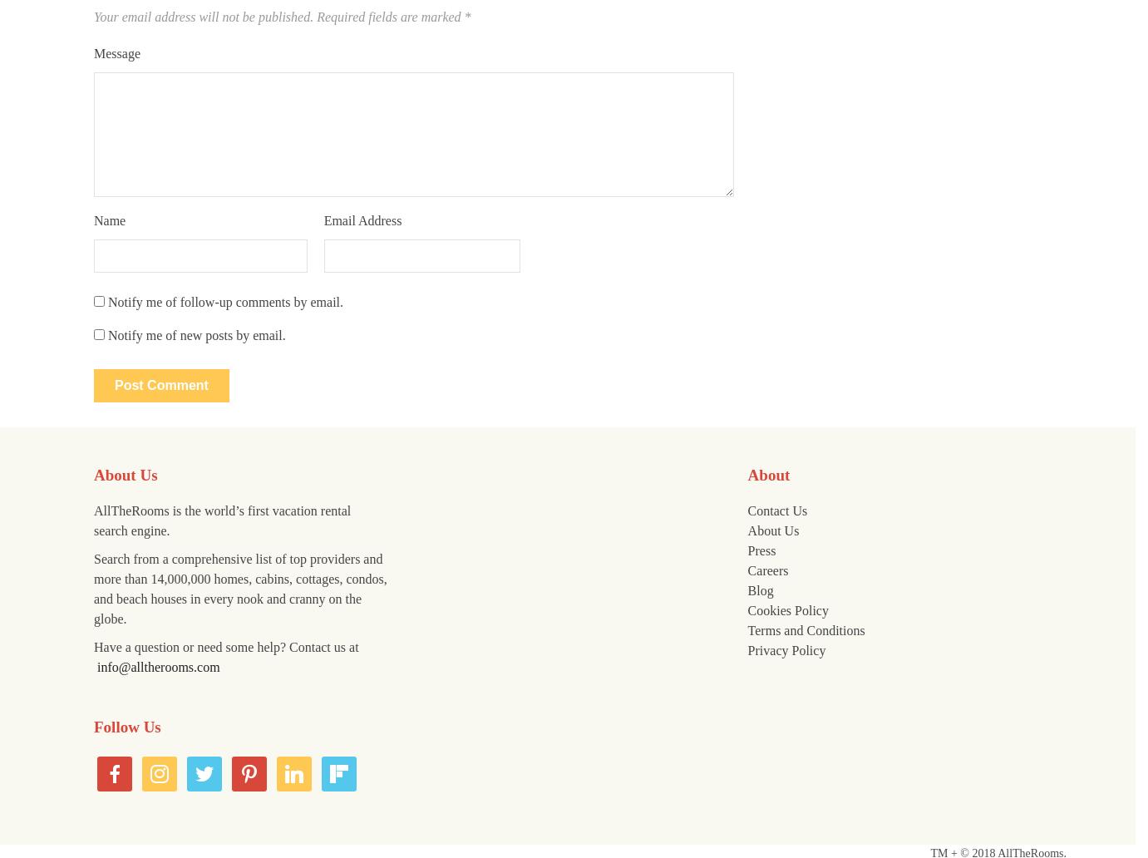  What do you see at coordinates (240, 588) in the screenshot?
I see `'Search from a comprehensive list of top providers and more than 14,000,000 homes, cabins, cottages, condos, and beach houses in every nook and cranny on the globe.'` at bounding box center [240, 588].